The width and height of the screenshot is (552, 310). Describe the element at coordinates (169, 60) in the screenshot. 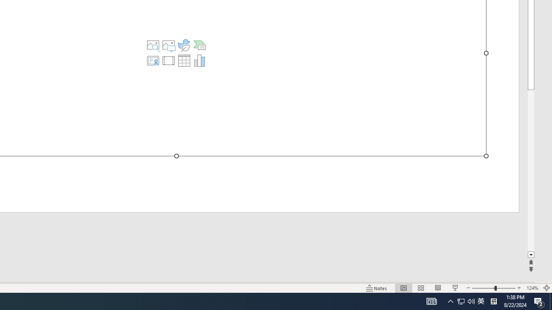

I see `'Insert Video'` at that location.